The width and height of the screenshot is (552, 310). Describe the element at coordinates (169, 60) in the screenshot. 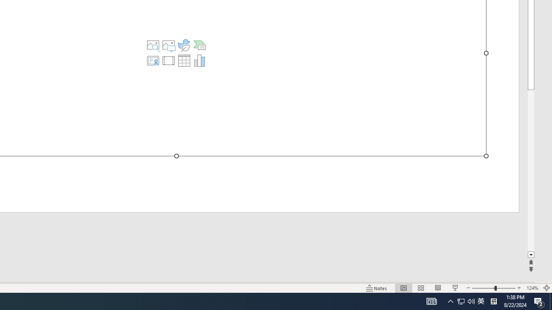

I see `'Insert Video'` at that location.